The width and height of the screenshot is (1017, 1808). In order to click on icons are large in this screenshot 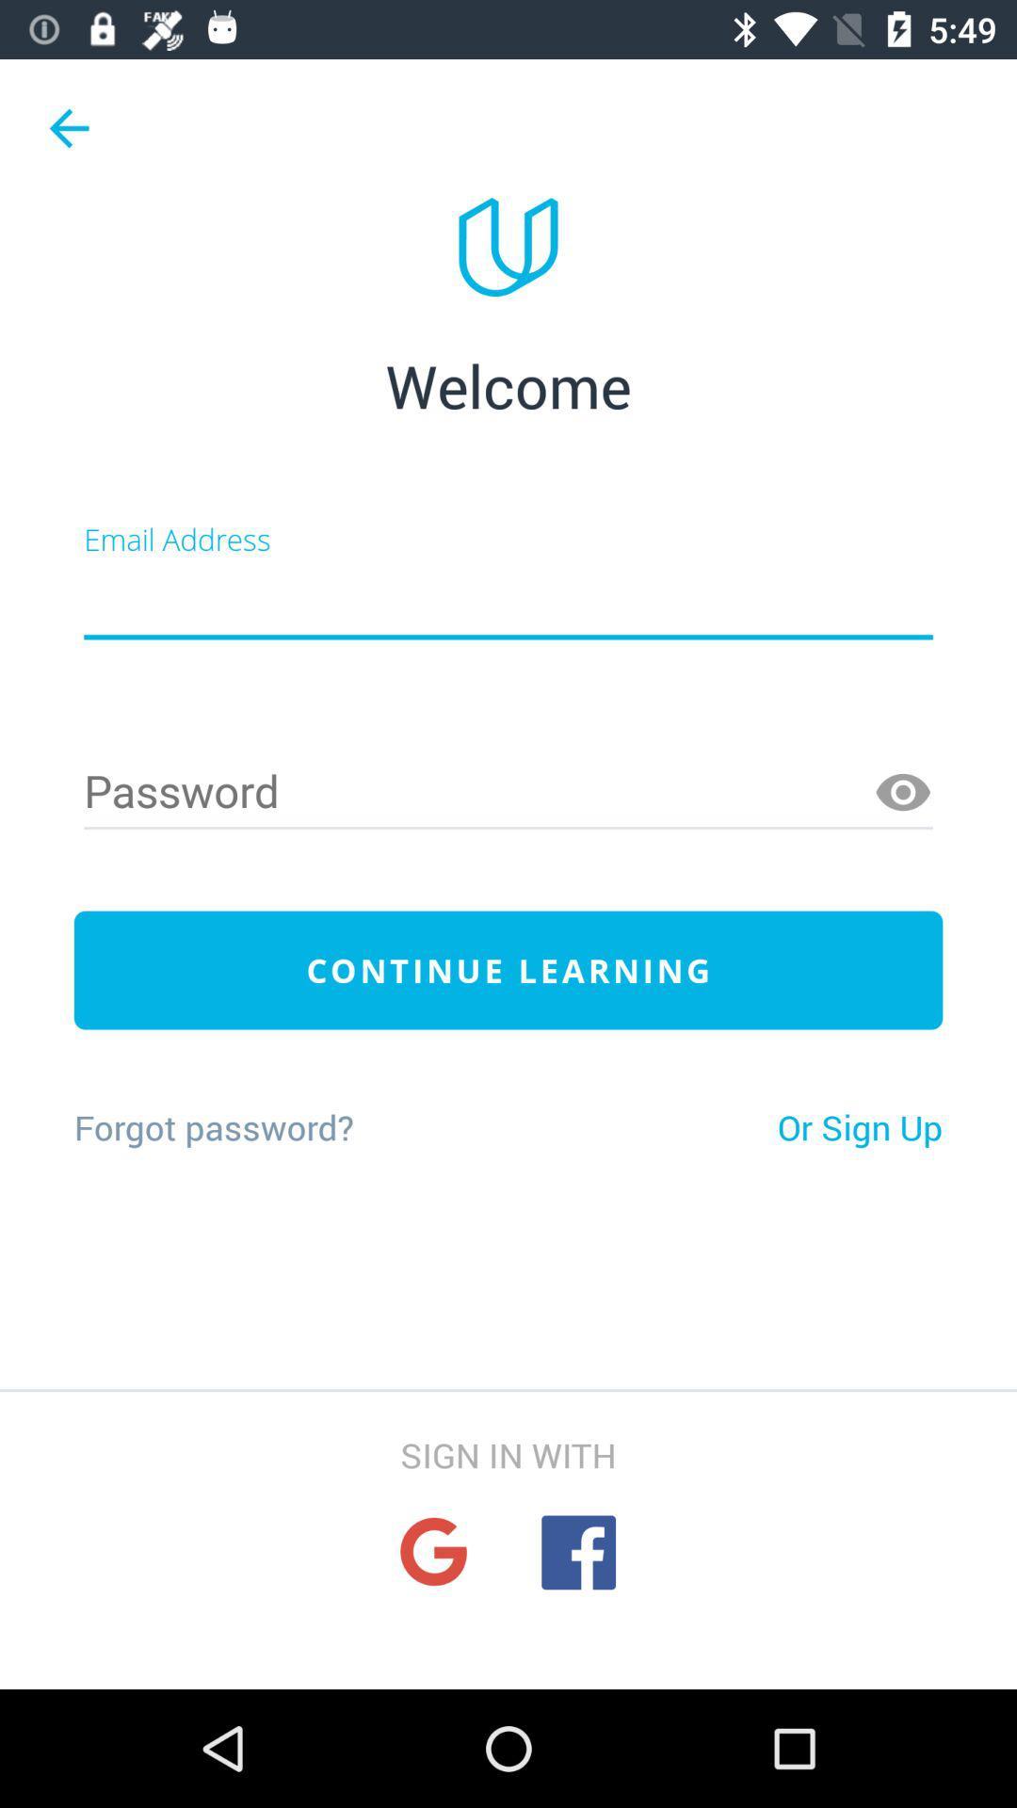, I will do `click(433, 1552)`.